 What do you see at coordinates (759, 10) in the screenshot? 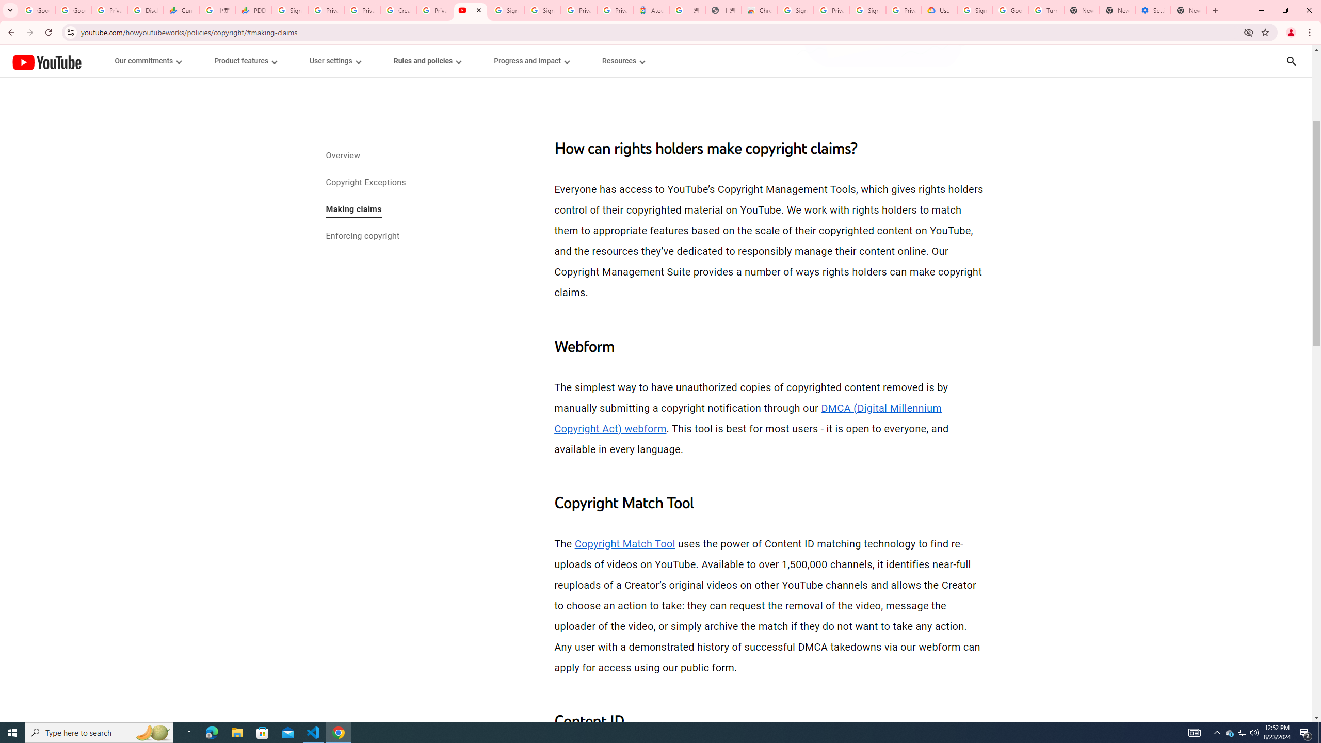
I see `'Chrome Web Store - Color themes by Chrome'` at bounding box center [759, 10].